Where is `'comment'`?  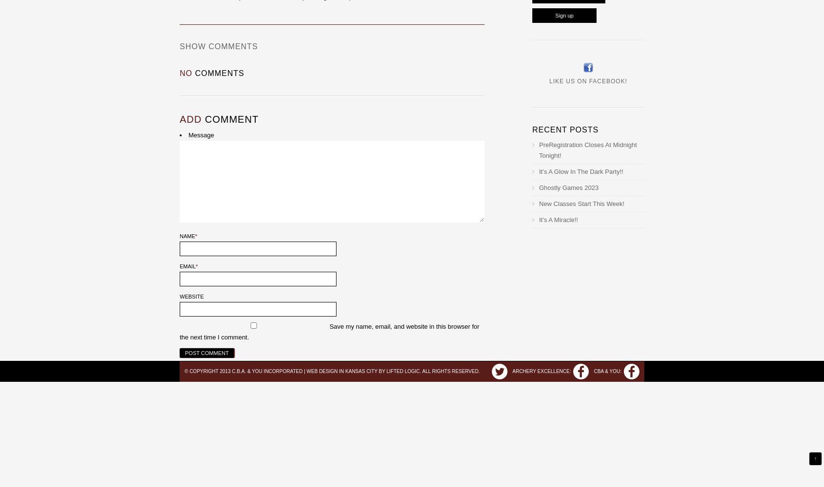
'comment' is located at coordinates (229, 119).